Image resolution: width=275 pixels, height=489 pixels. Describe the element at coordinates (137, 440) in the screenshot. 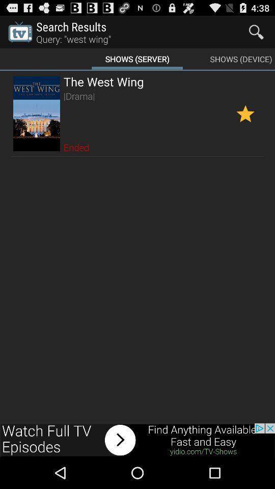

I see `access advertisement` at that location.